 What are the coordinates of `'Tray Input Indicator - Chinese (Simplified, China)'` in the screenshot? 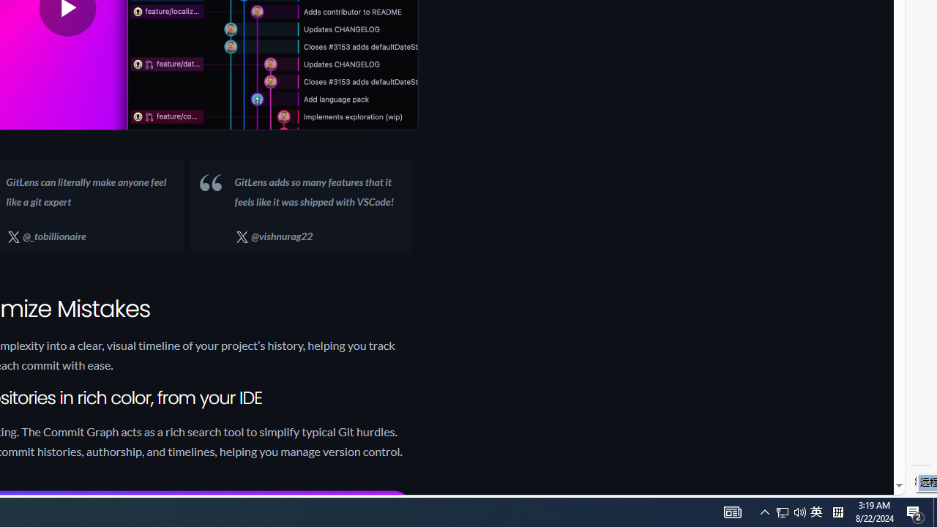 It's located at (837, 511).